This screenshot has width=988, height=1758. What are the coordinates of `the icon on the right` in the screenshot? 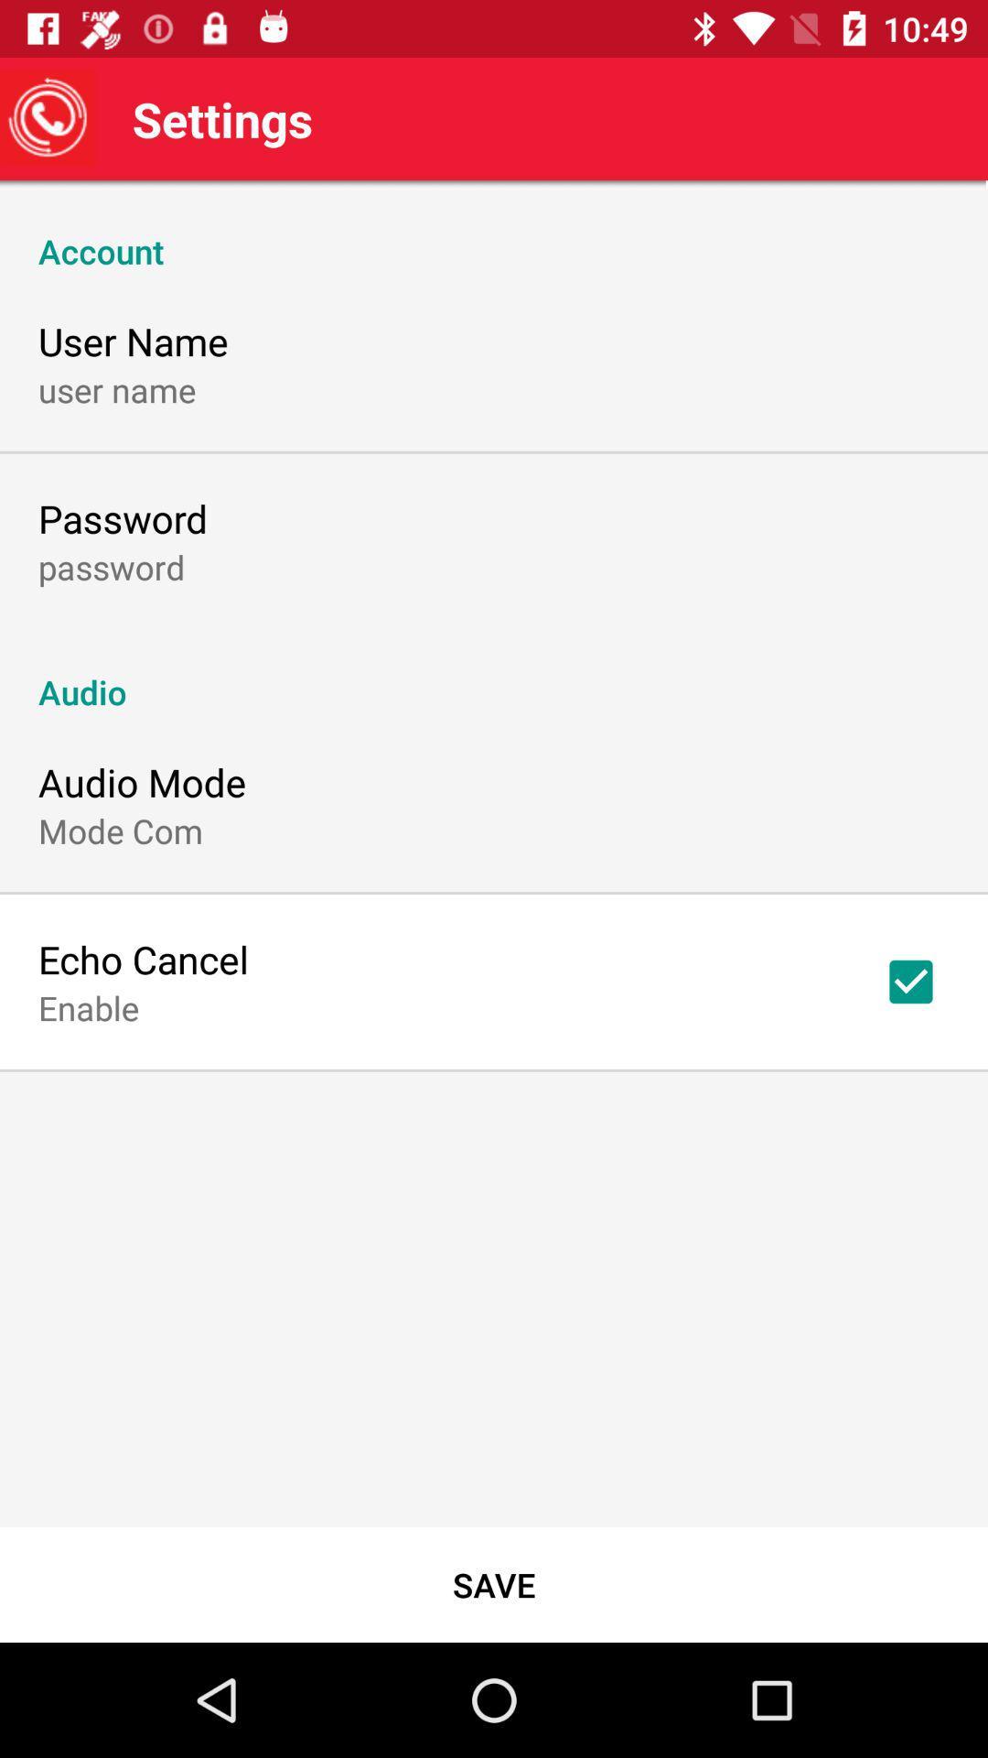 It's located at (910, 981).